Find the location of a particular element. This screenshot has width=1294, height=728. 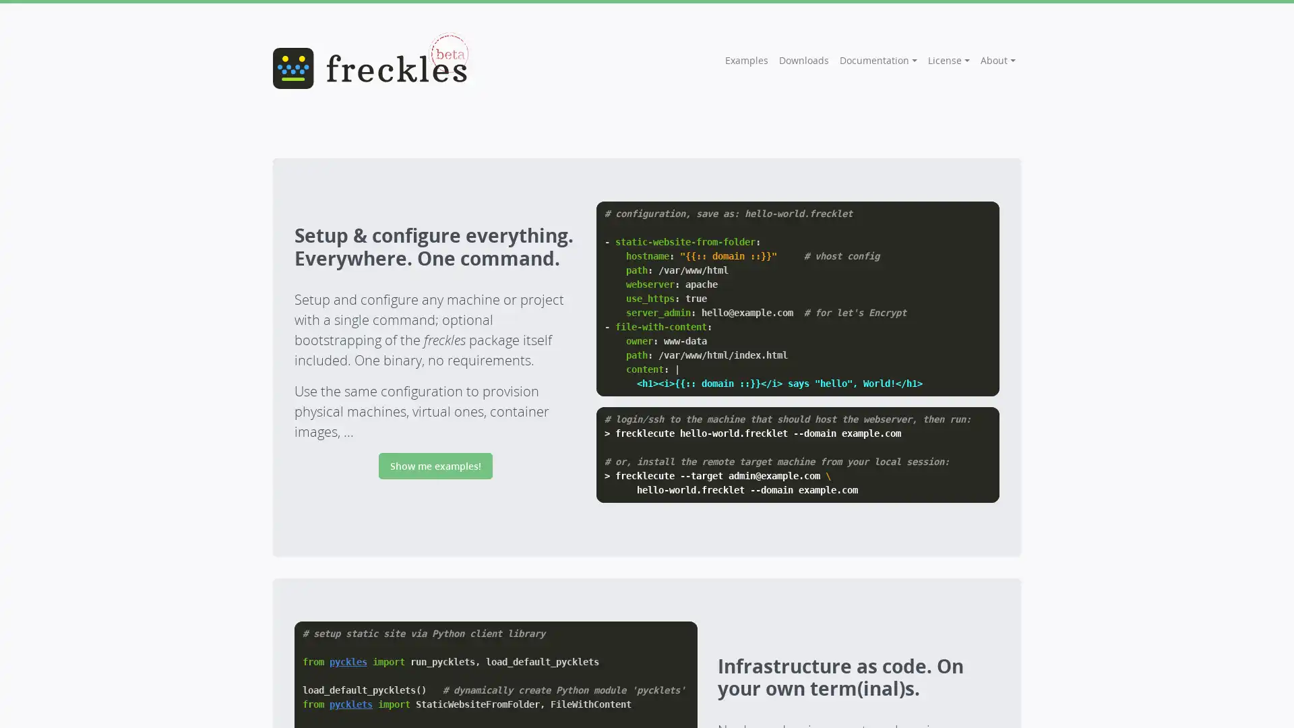

Show me examples! is located at coordinates (435, 465).